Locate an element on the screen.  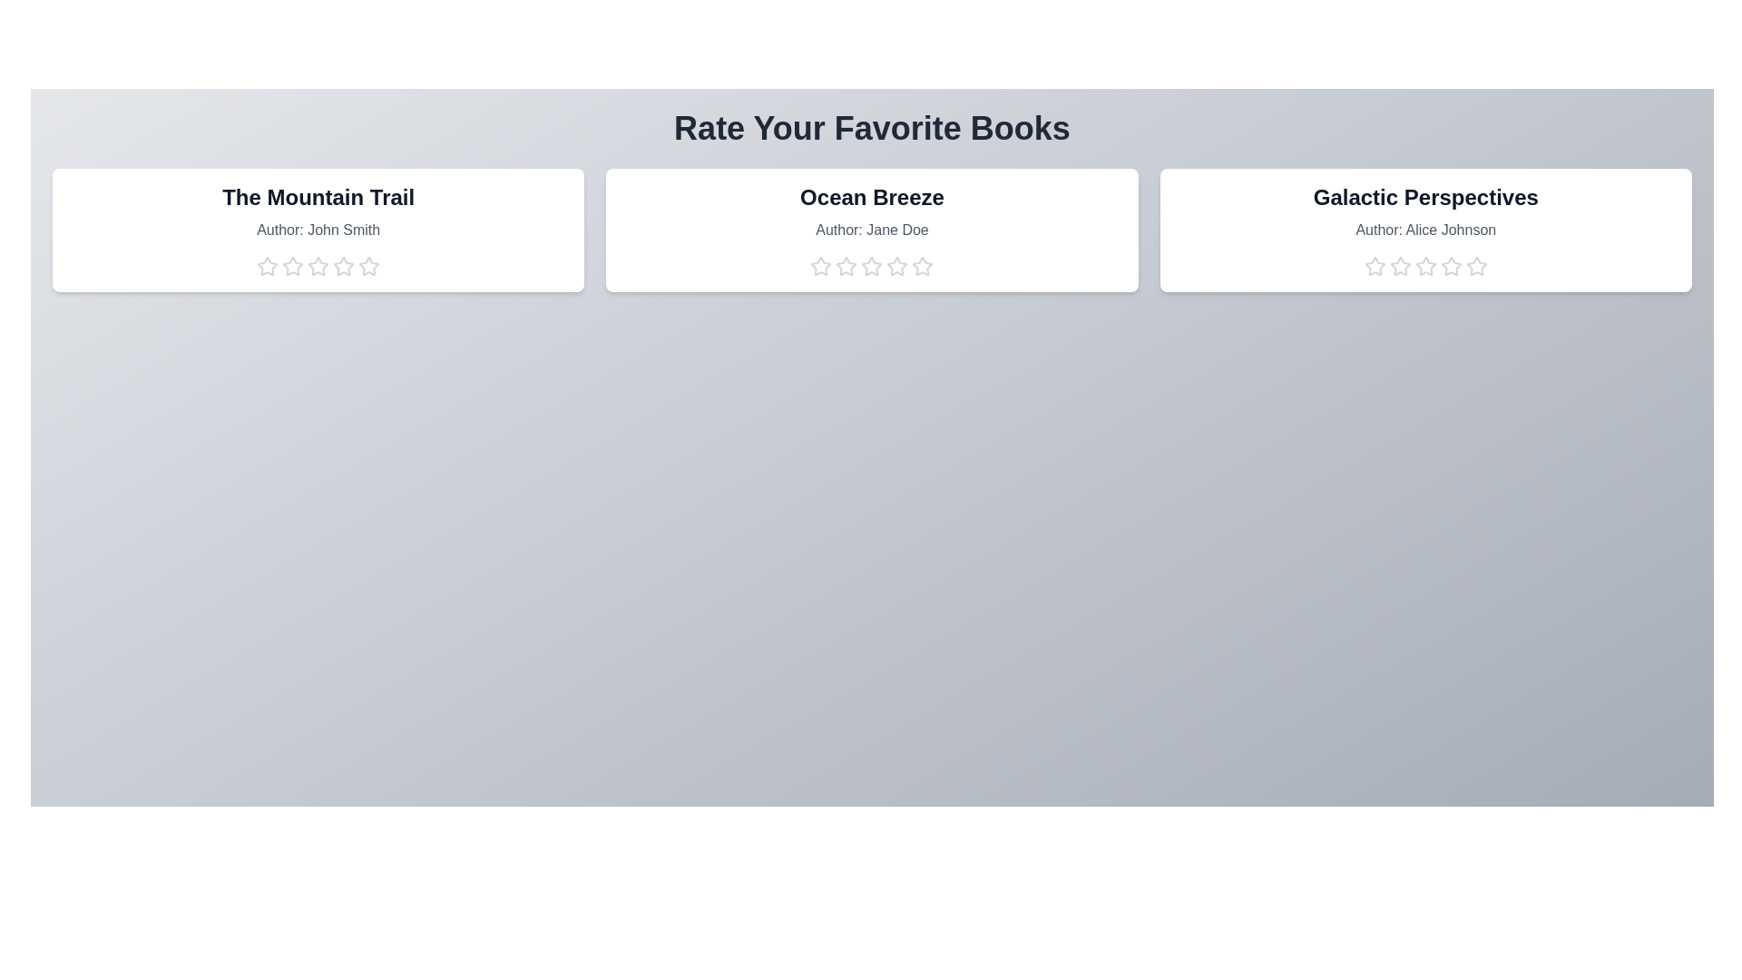
the star corresponding to 5 to preview the rating is located at coordinates (368, 266).